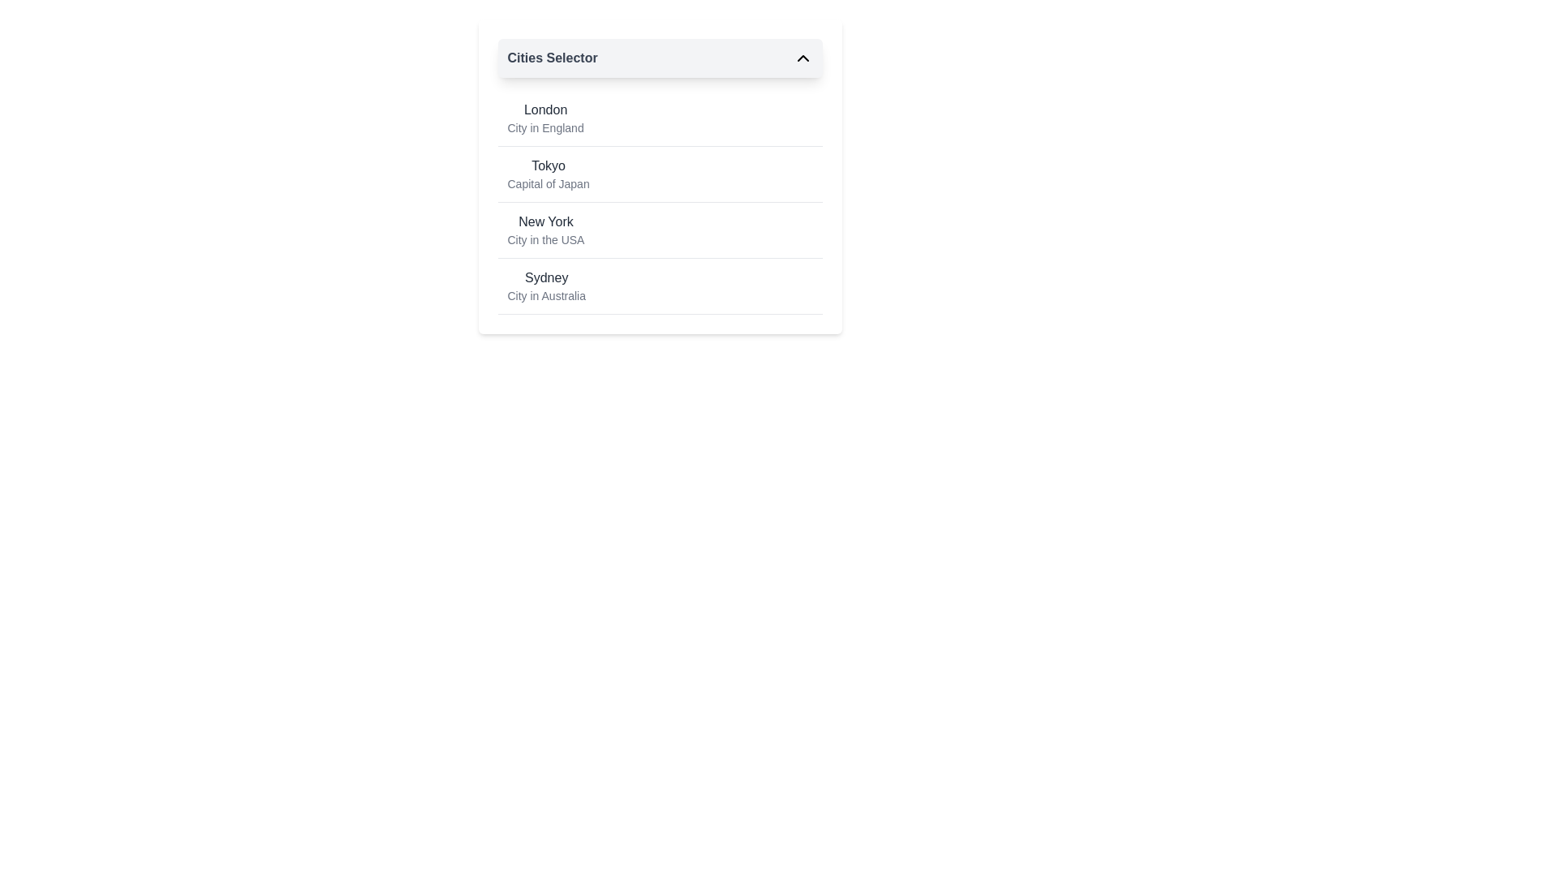 This screenshot has width=1558, height=876. What do you see at coordinates (545, 221) in the screenshot?
I see `the Text label displaying 'New York', which is styled in medium-weight font and dark gray, located at the top of its section within the 'Cities Selector' dropdown menu` at bounding box center [545, 221].